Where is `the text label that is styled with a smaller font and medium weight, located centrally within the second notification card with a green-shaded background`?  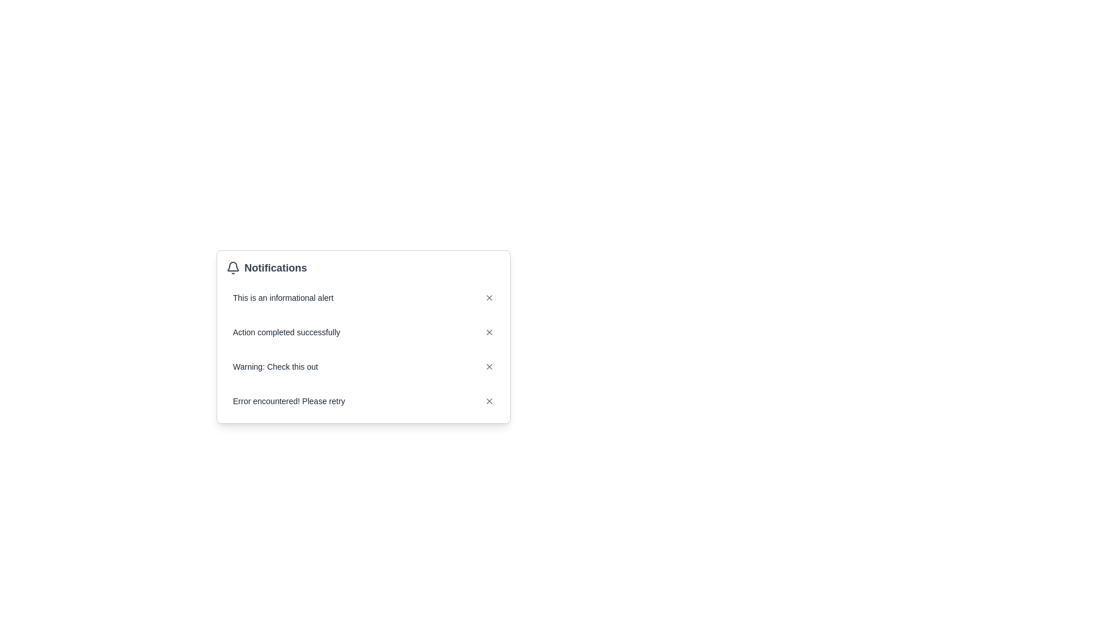
the text label that is styled with a smaller font and medium weight, located centrally within the second notification card with a green-shaded background is located at coordinates (286, 332).